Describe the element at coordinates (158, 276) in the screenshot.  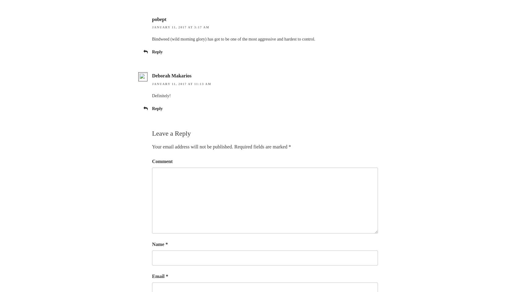
I see `'Email'` at that location.